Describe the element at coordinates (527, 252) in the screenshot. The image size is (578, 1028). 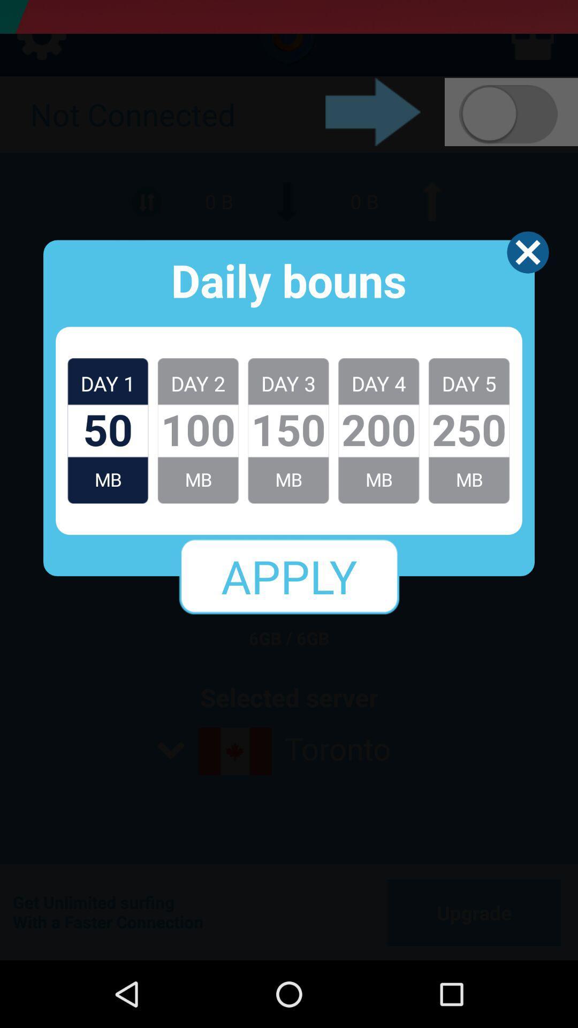
I see `the app to the right of the daily bouns app` at that location.